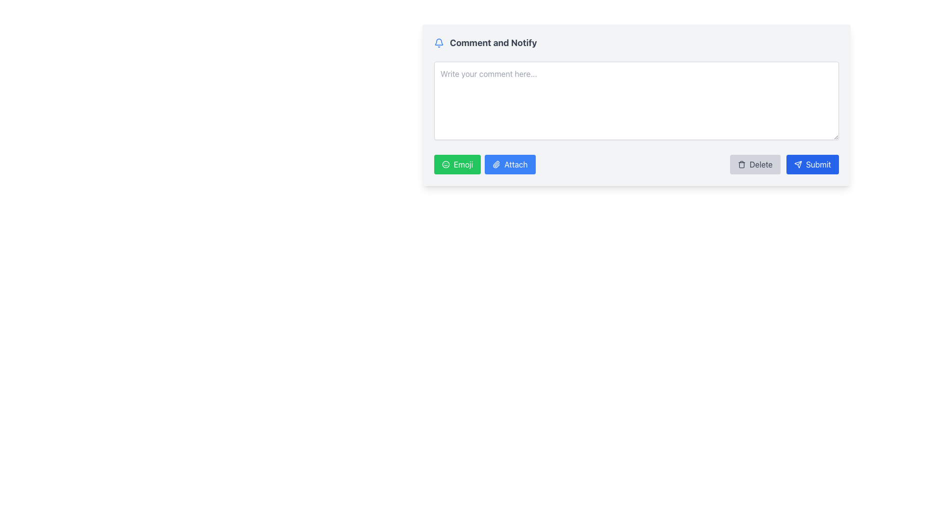  What do you see at coordinates (496, 164) in the screenshot?
I see `the paperclip icon located in the top-right corner of the comment input interface for additional tooltips or effects` at bounding box center [496, 164].